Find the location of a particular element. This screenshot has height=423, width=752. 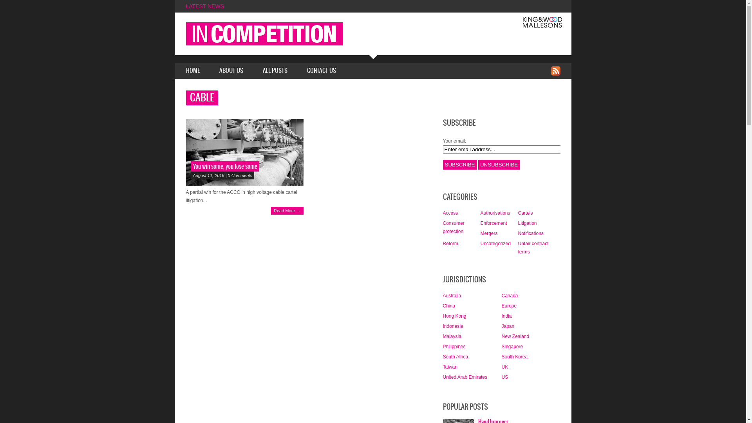

'Consumer protection' is located at coordinates (453, 227).